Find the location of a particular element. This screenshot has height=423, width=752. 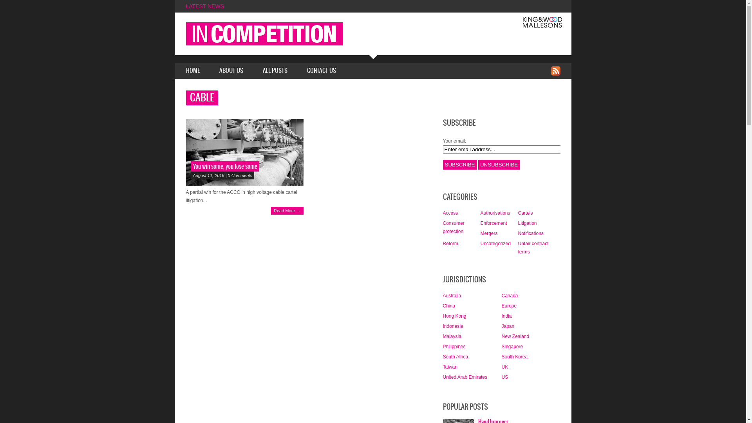

'Consumer protection' is located at coordinates (453, 227).